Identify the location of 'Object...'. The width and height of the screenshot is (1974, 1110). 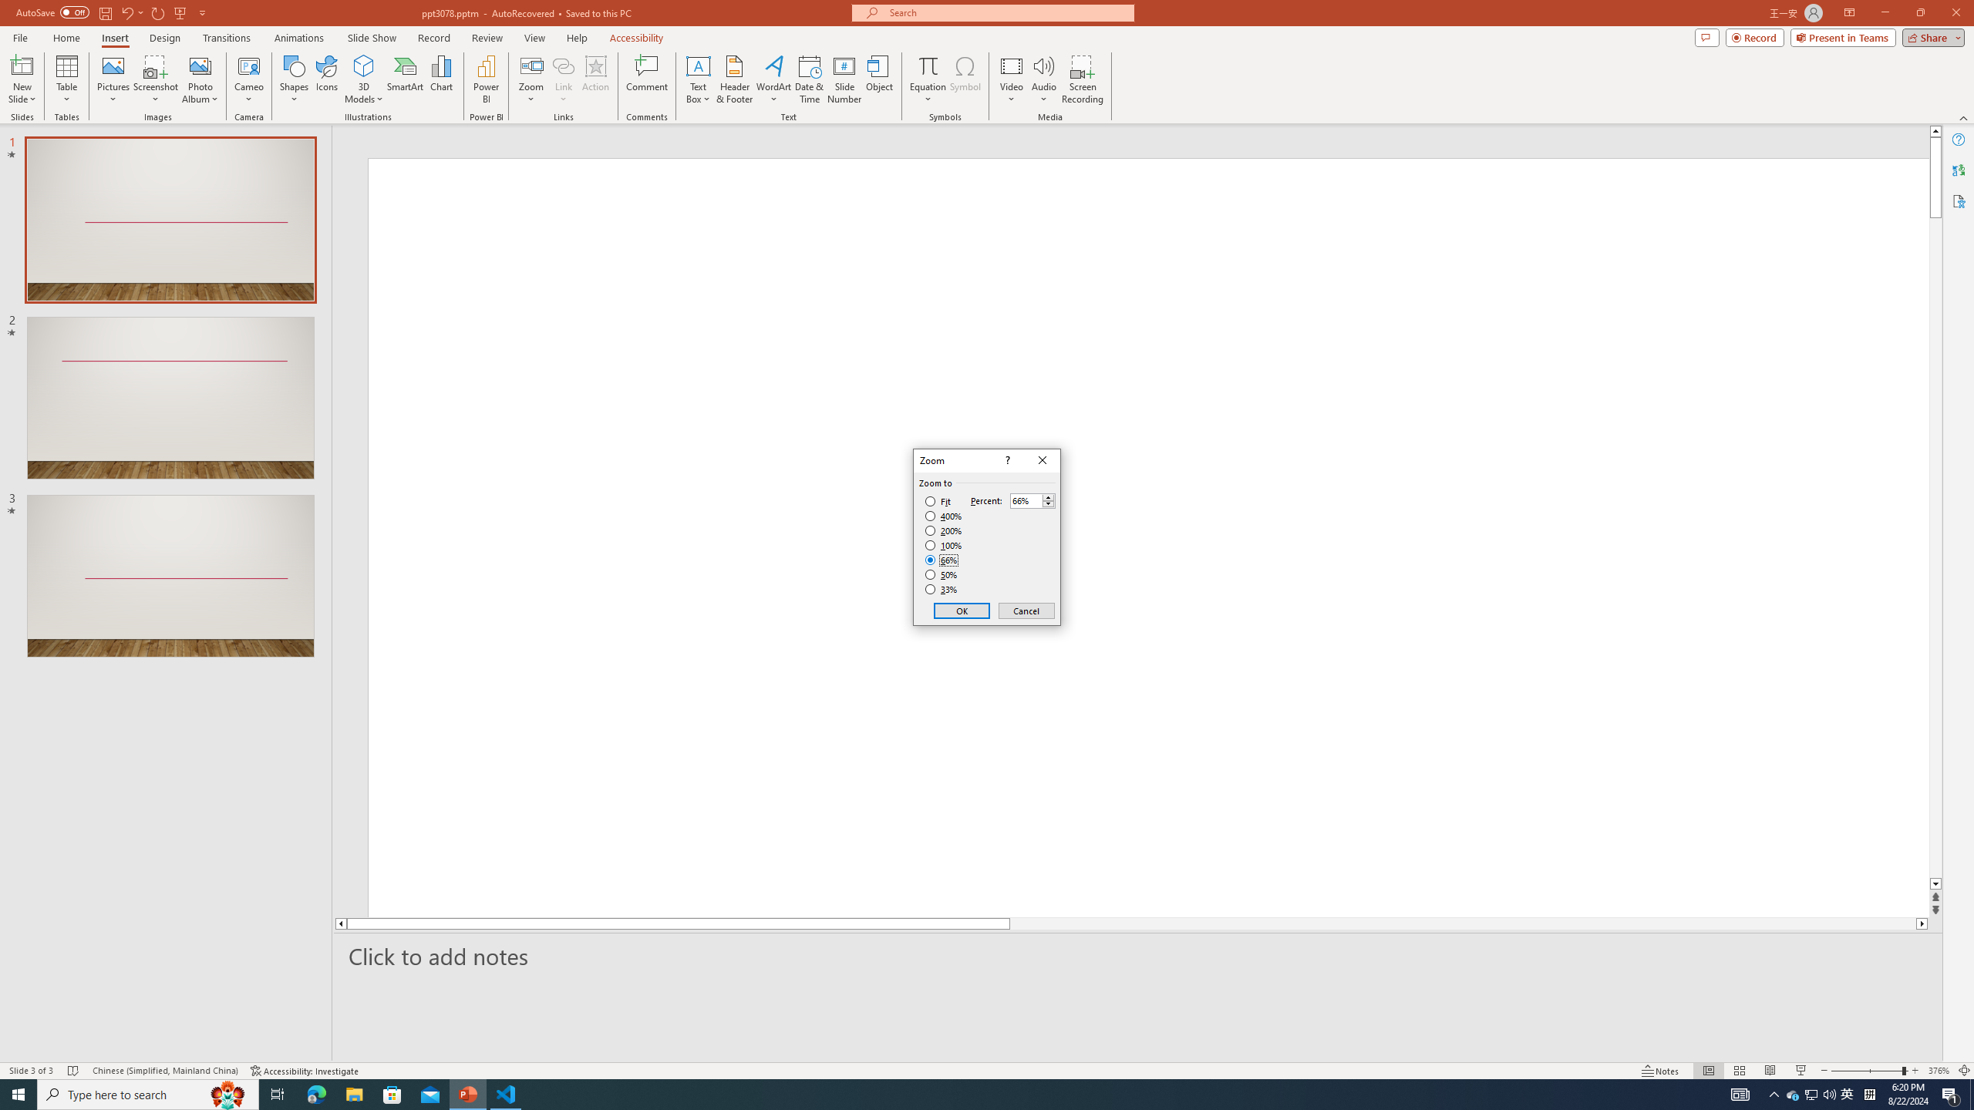
(880, 79).